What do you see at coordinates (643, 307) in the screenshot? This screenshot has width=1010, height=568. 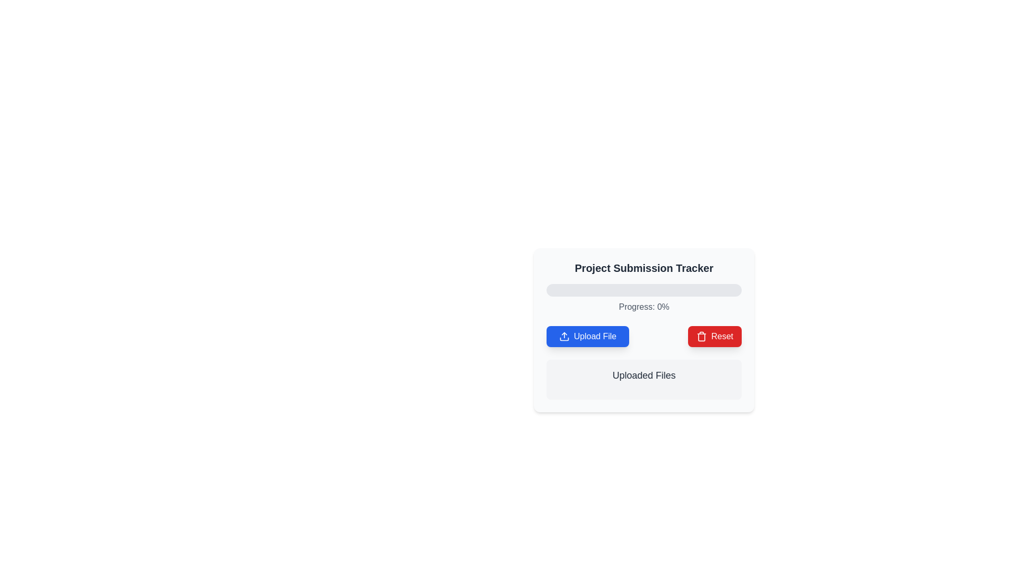 I see `the static text label displaying 'Progress: 0%' located beneath the progress bar in the 'Project Submission Tracker' section` at bounding box center [643, 307].